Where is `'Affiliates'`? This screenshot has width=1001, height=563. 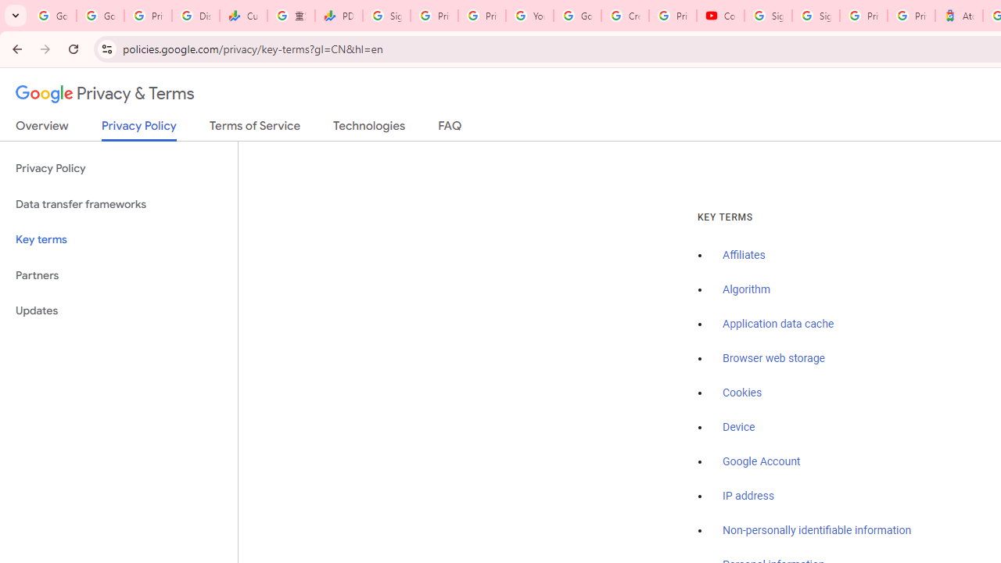 'Affiliates' is located at coordinates (743, 255).